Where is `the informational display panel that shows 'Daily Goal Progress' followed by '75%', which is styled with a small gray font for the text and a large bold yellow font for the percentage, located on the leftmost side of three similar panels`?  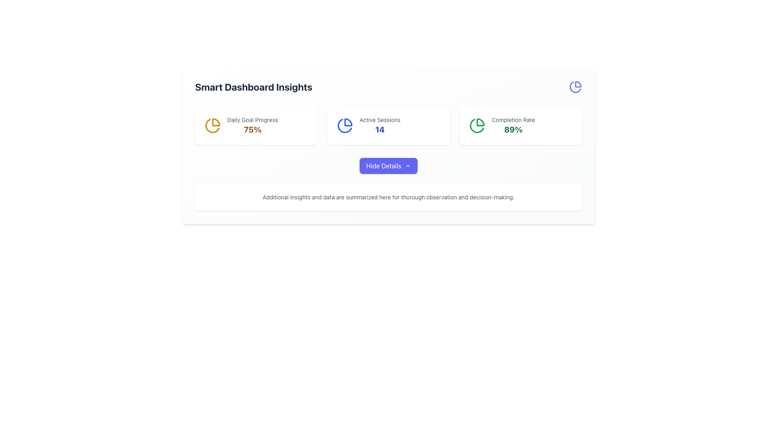
the informational display panel that shows 'Daily Goal Progress' followed by '75%', which is styled with a small gray font for the text and a large bold yellow font for the percentage, located on the leftmost side of three similar panels is located at coordinates (252, 126).